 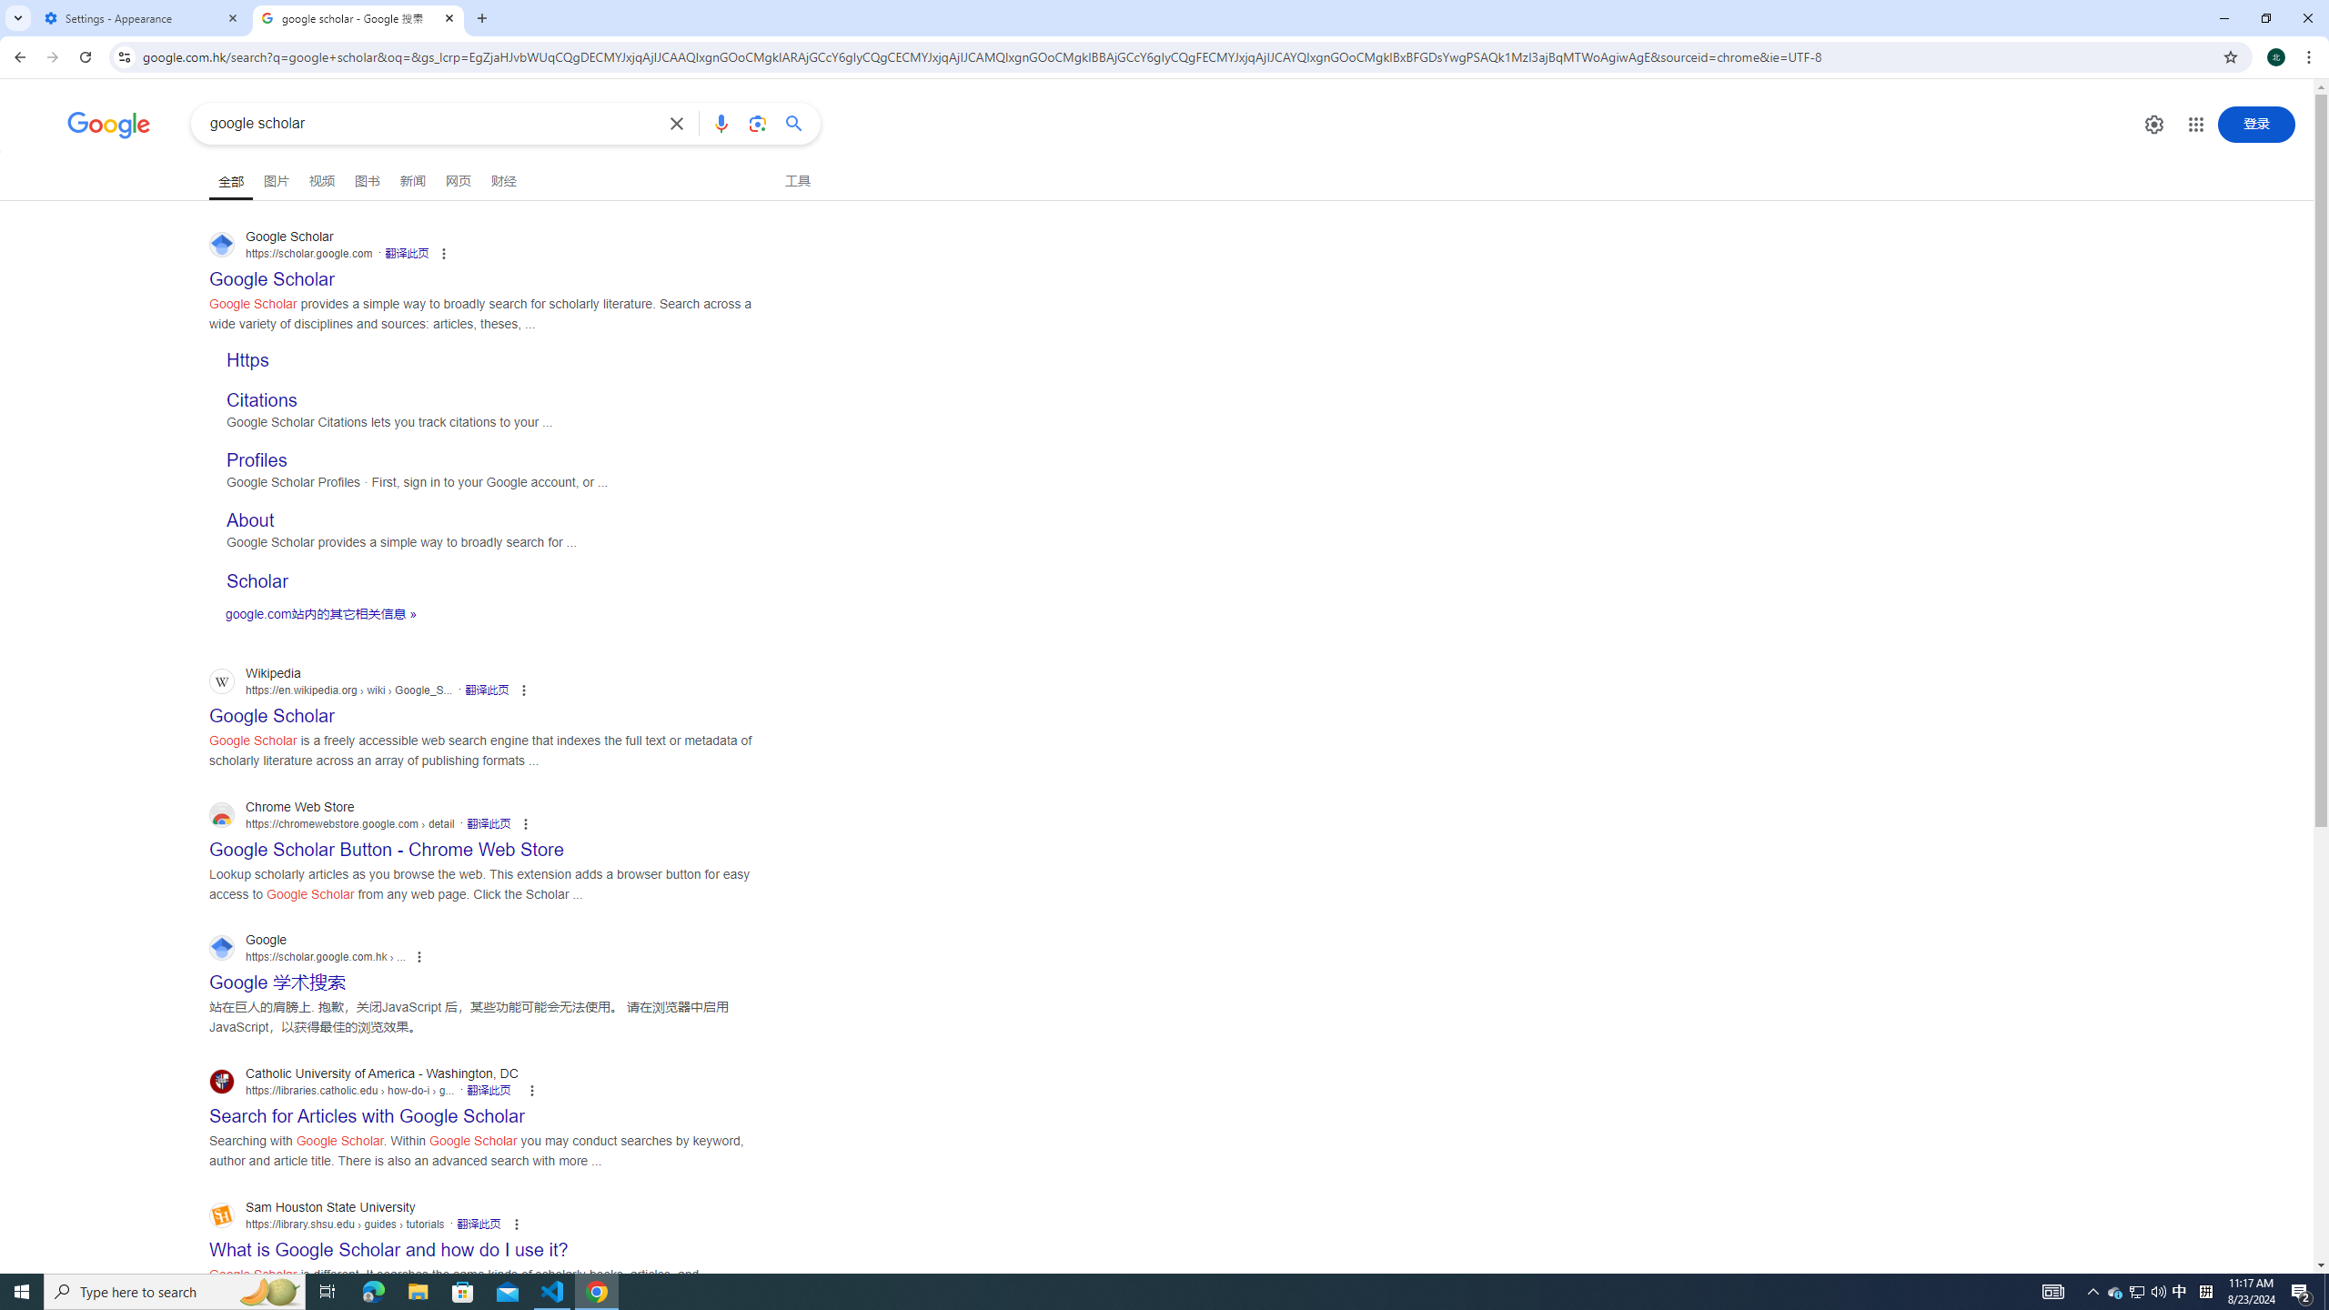 What do you see at coordinates (247, 359) in the screenshot?
I see `'Https'` at bounding box center [247, 359].